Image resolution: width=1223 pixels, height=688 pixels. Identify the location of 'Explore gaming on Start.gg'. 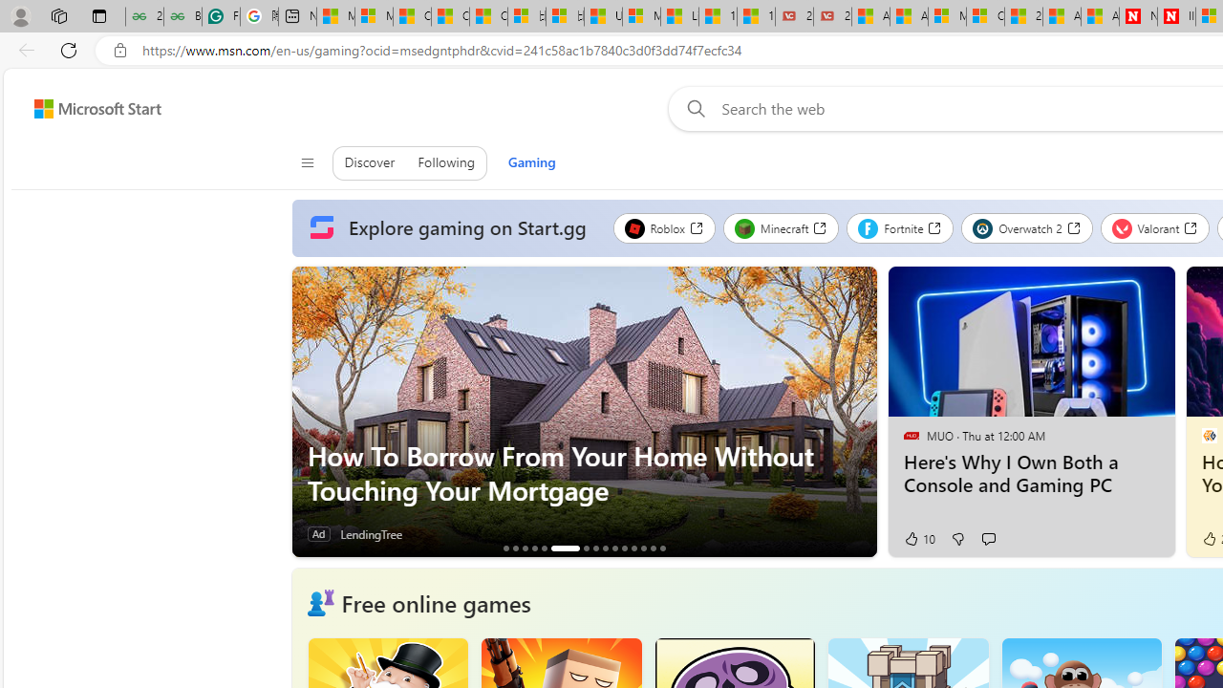
(451, 227).